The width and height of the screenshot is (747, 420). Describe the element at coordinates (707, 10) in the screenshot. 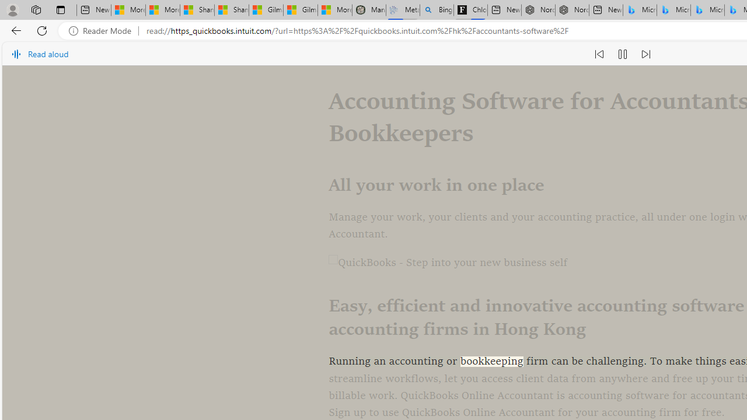

I see `'Microsoft Bing Travel - Shangri-La Hotel Bangkok'` at that location.